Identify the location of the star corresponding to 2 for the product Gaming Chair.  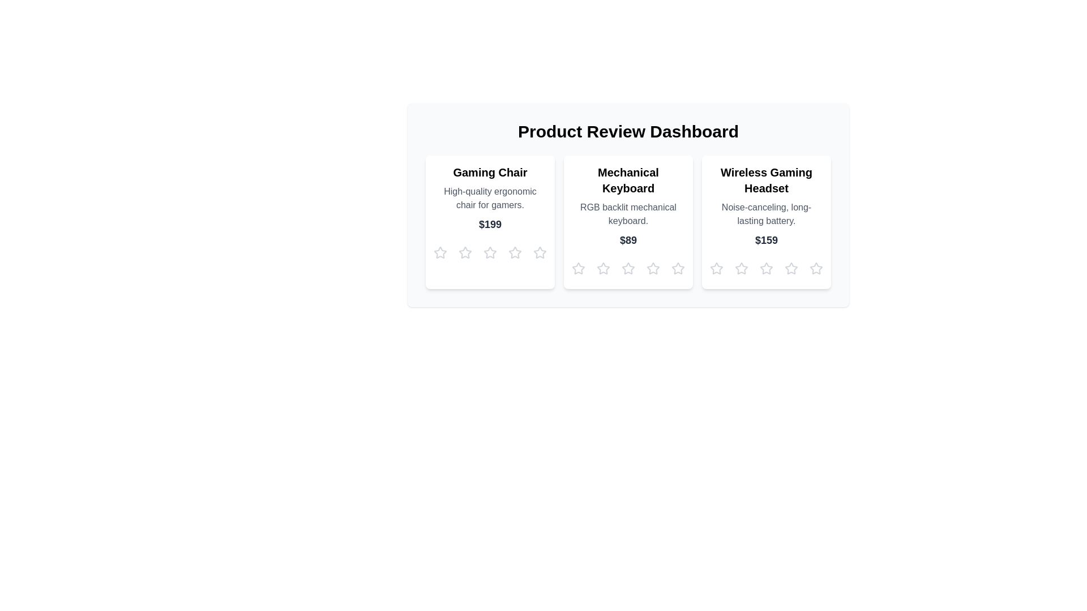
(465, 252).